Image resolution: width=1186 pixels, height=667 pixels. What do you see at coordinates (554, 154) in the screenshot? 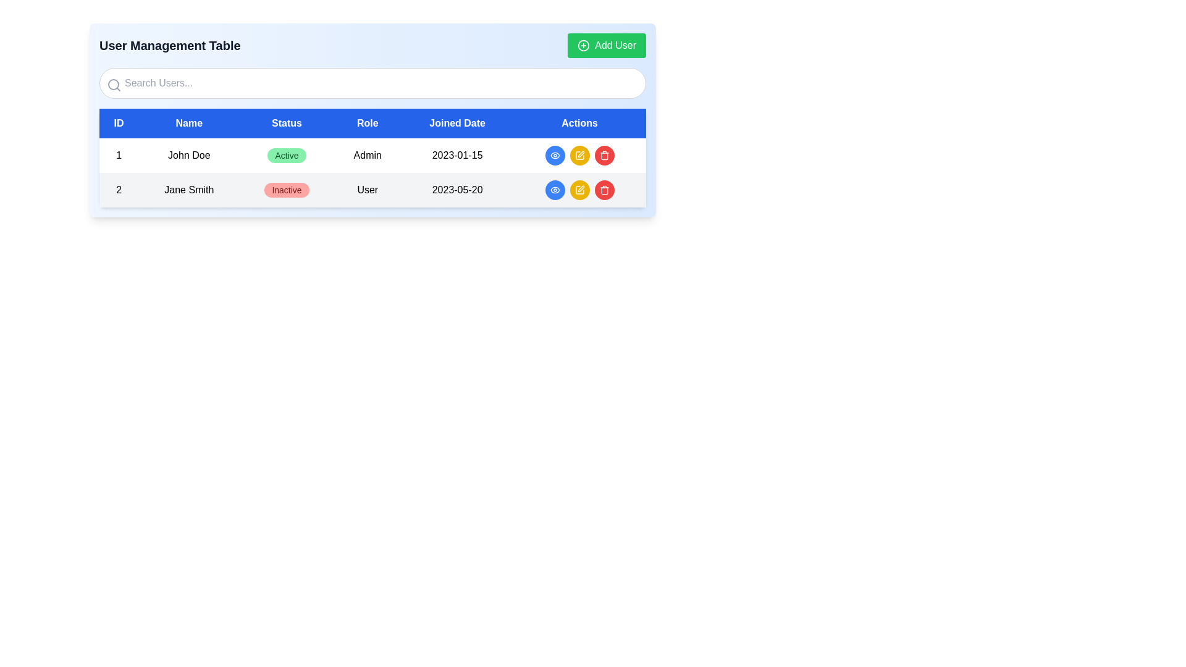
I see `the icon within the circular blue button` at bounding box center [554, 154].